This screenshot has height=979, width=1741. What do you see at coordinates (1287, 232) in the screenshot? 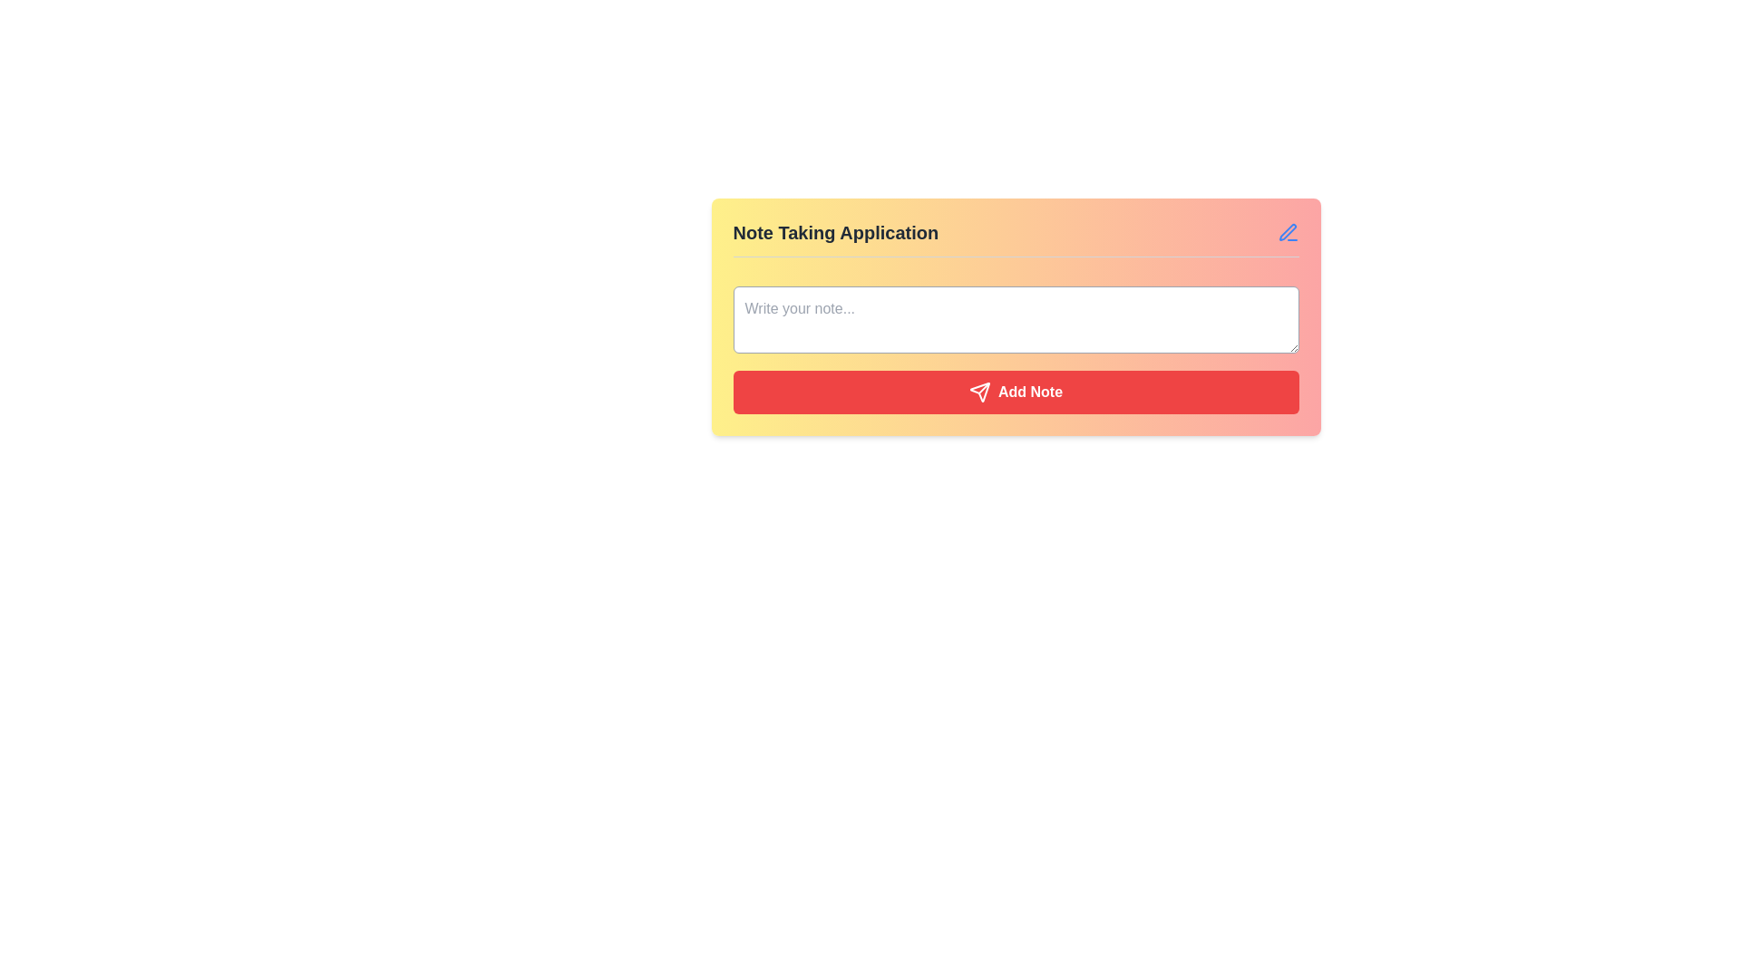
I see `the pen icon in the top-right corner of the note-taking panel` at bounding box center [1287, 232].